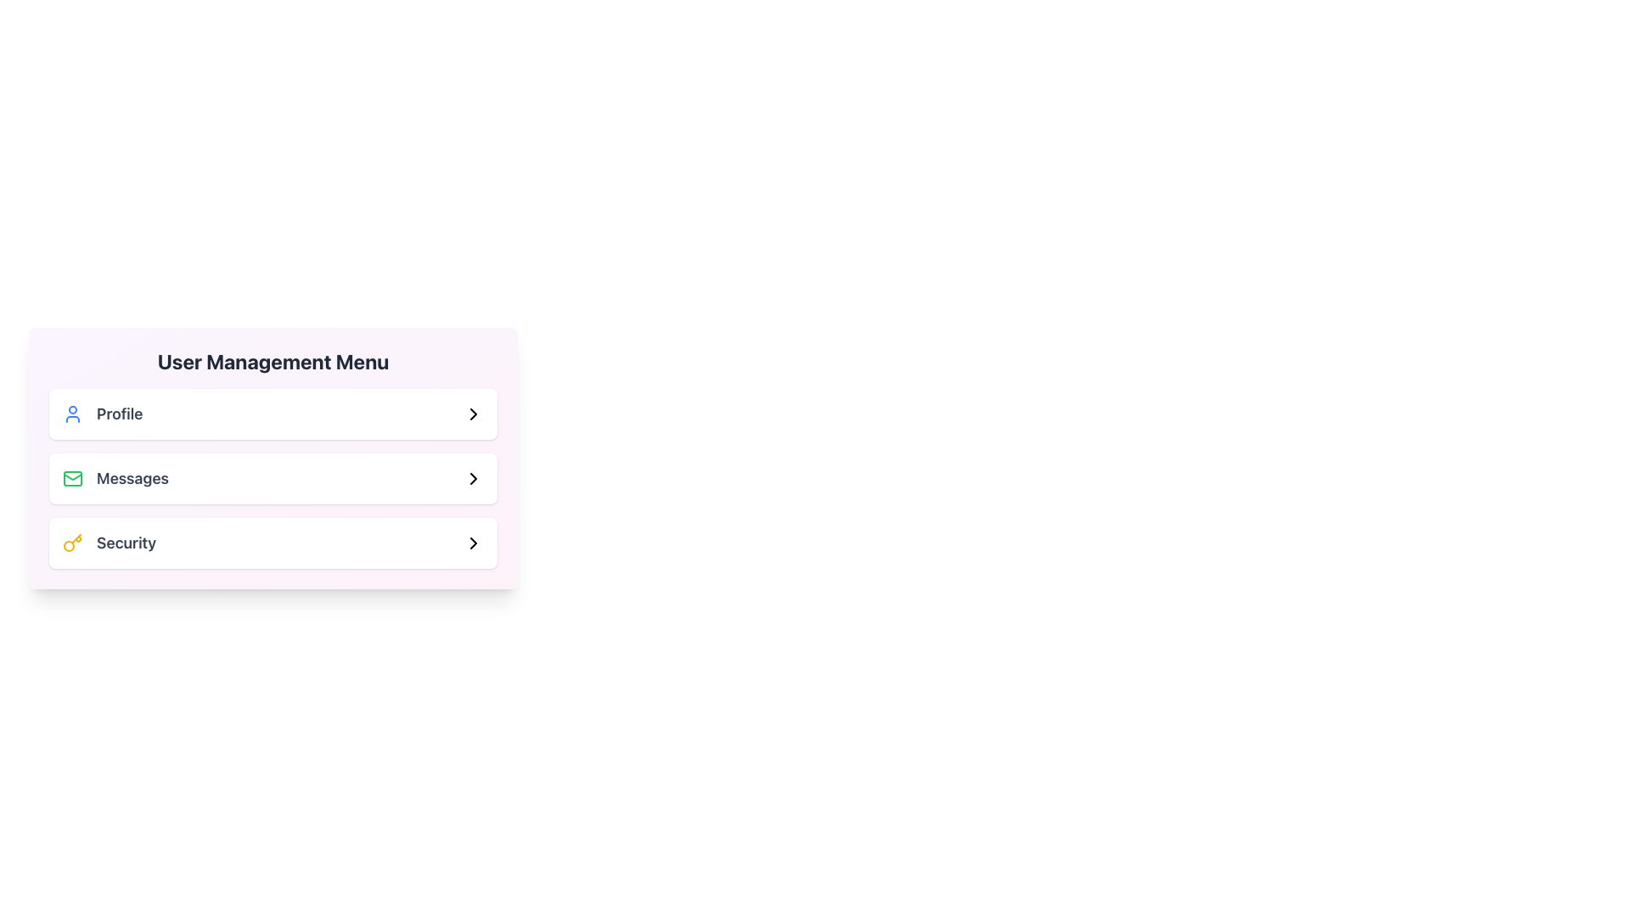 This screenshot has width=1630, height=917. I want to click on the bold text label that reads 'Profile' in the User Management Menu panel, located to the right of the blue user icon, so click(119, 414).